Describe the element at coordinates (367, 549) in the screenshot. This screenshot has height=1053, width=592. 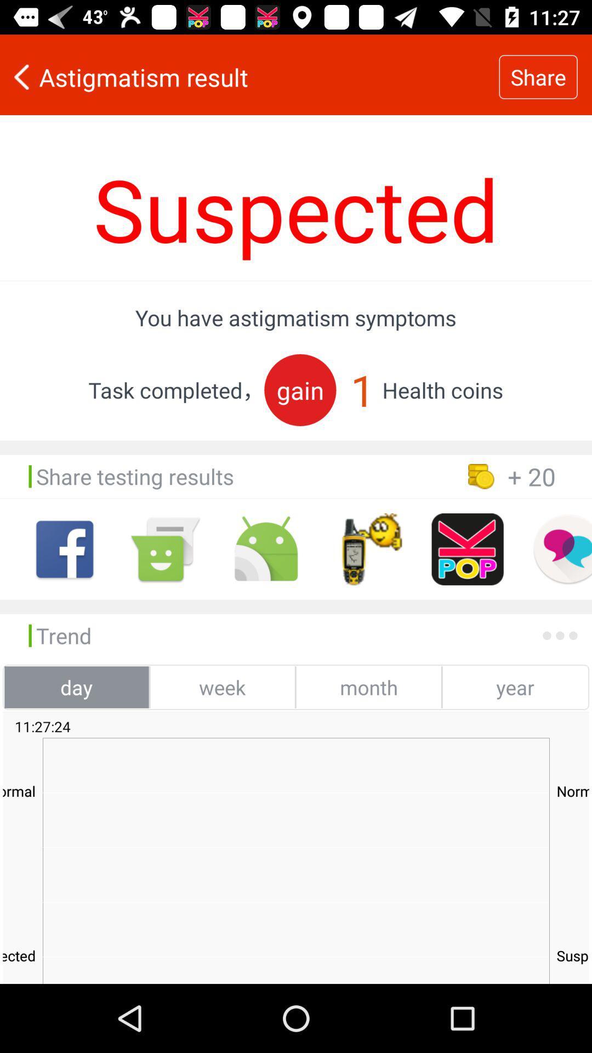
I see `share to app` at that location.